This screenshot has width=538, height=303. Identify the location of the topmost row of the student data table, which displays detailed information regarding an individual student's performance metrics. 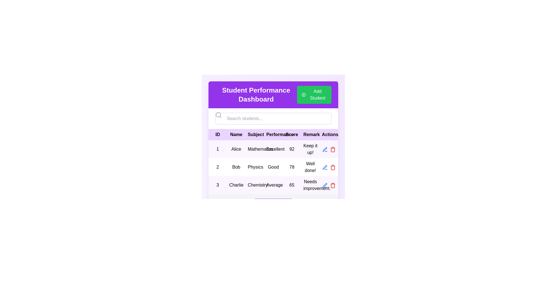
(273, 149).